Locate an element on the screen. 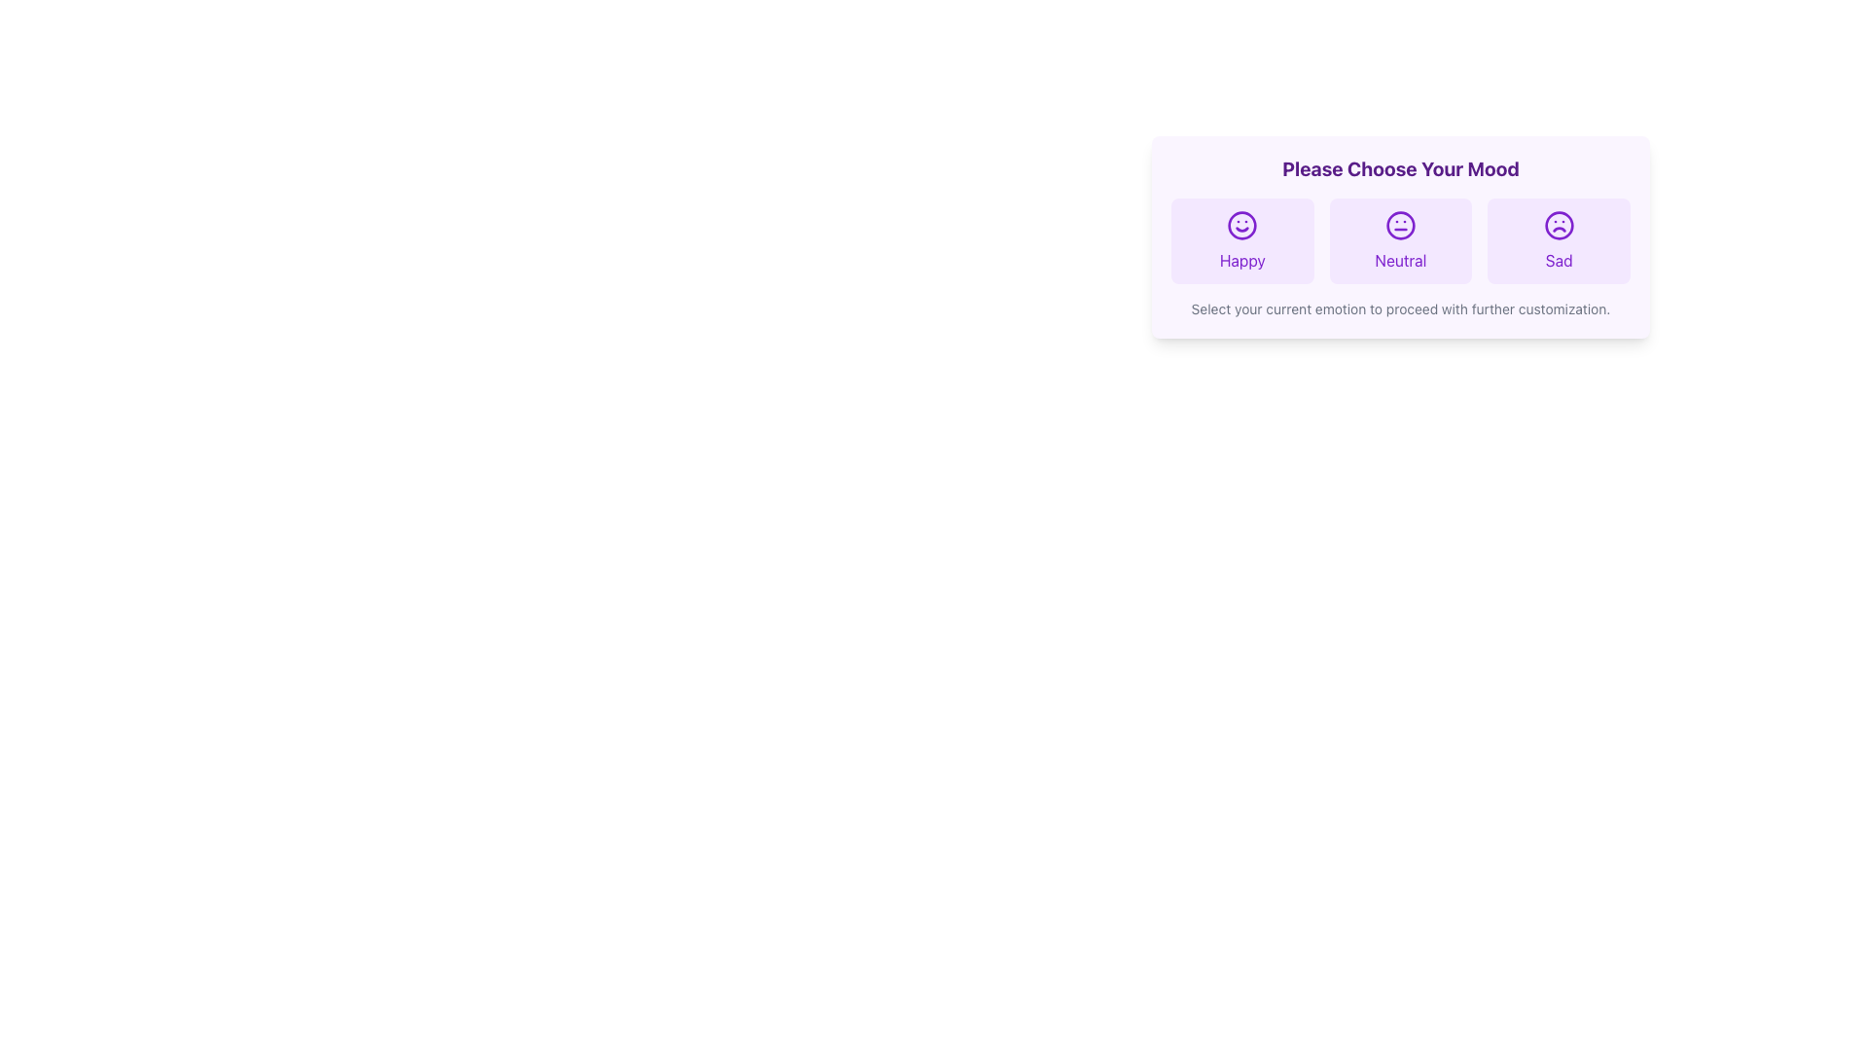  the circular graphic inside the sad emoji icon, which is the third option from the left in the mood selection menu is located at coordinates (1559, 224).